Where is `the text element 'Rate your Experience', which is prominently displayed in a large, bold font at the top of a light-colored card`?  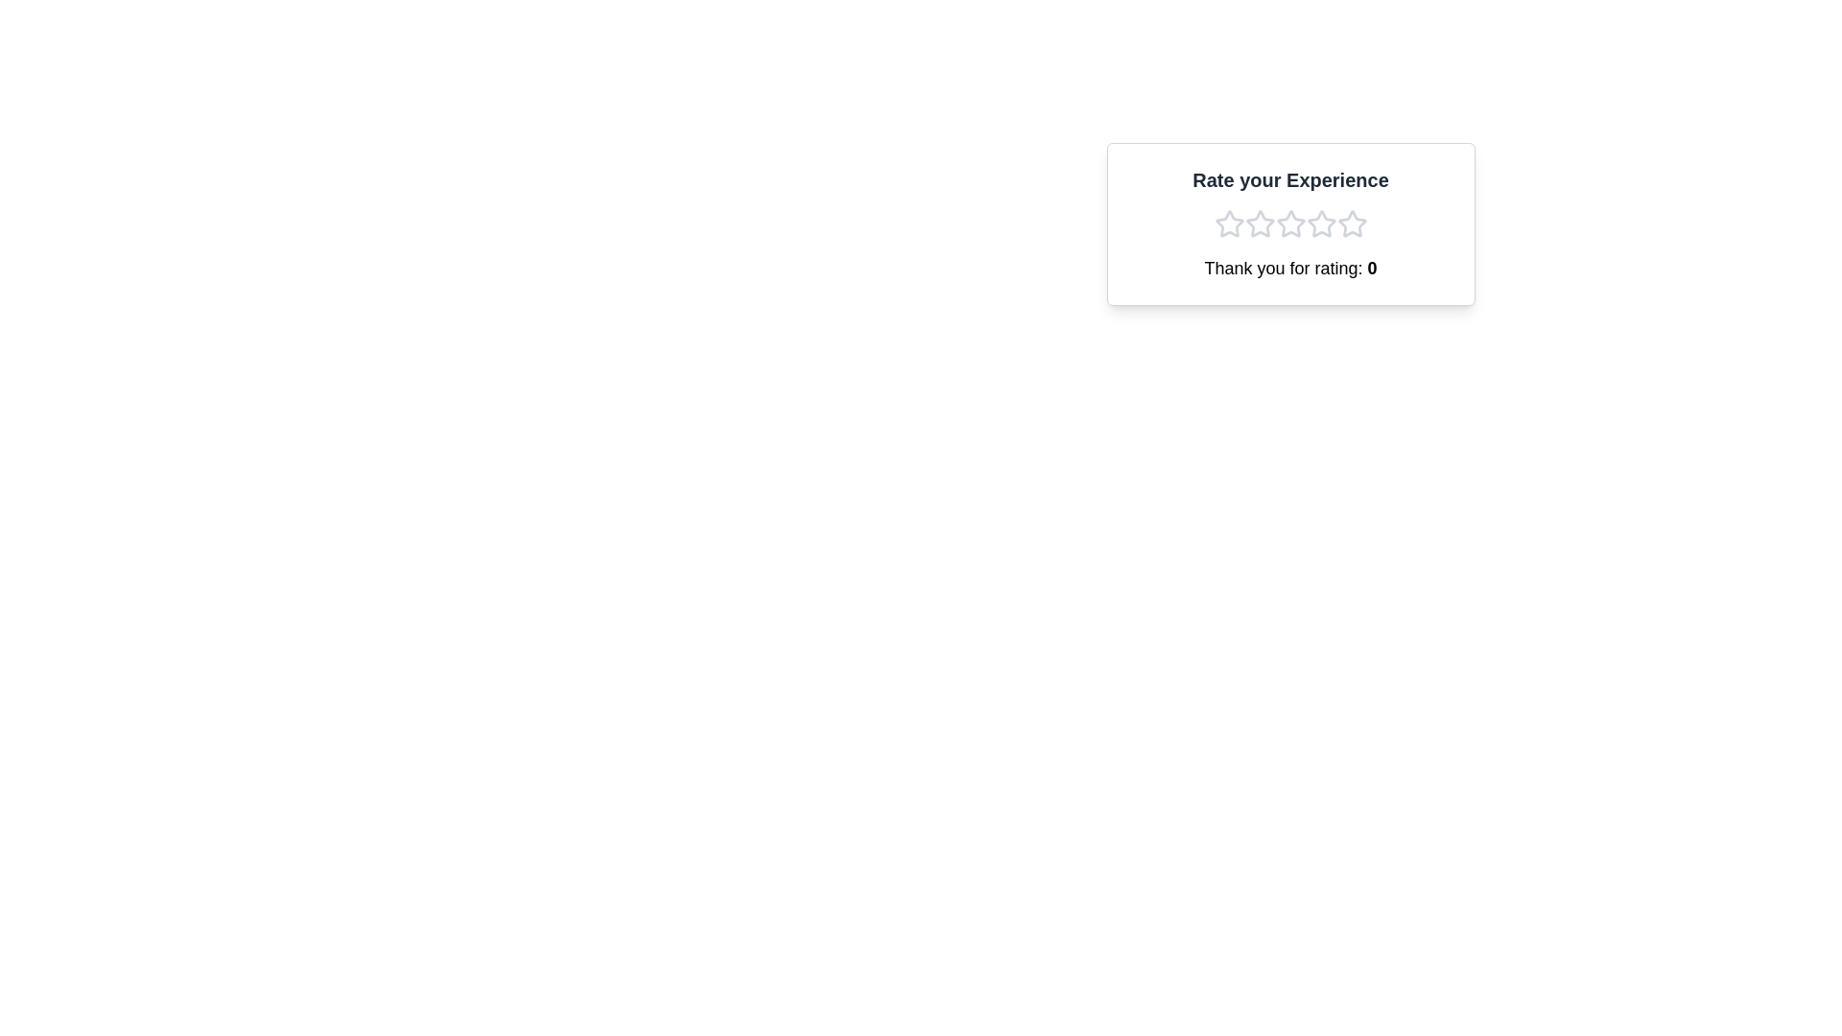
the text element 'Rate your Experience', which is prominently displayed in a large, bold font at the top of a light-colored card is located at coordinates (1290, 180).